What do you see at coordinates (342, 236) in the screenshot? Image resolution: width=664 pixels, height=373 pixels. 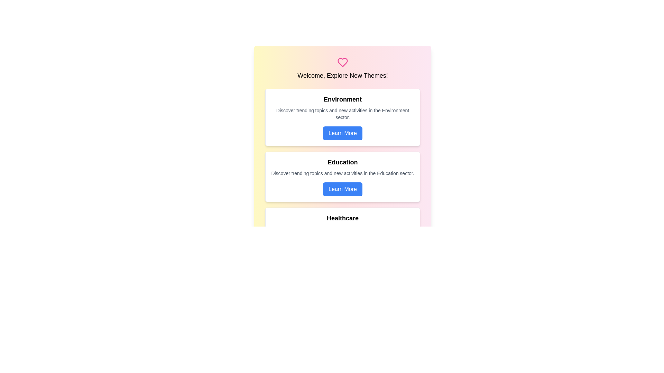 I see `the third Informational Card that presents information on trending topics in the Healthcare sector` at bounding box center [342, 236].